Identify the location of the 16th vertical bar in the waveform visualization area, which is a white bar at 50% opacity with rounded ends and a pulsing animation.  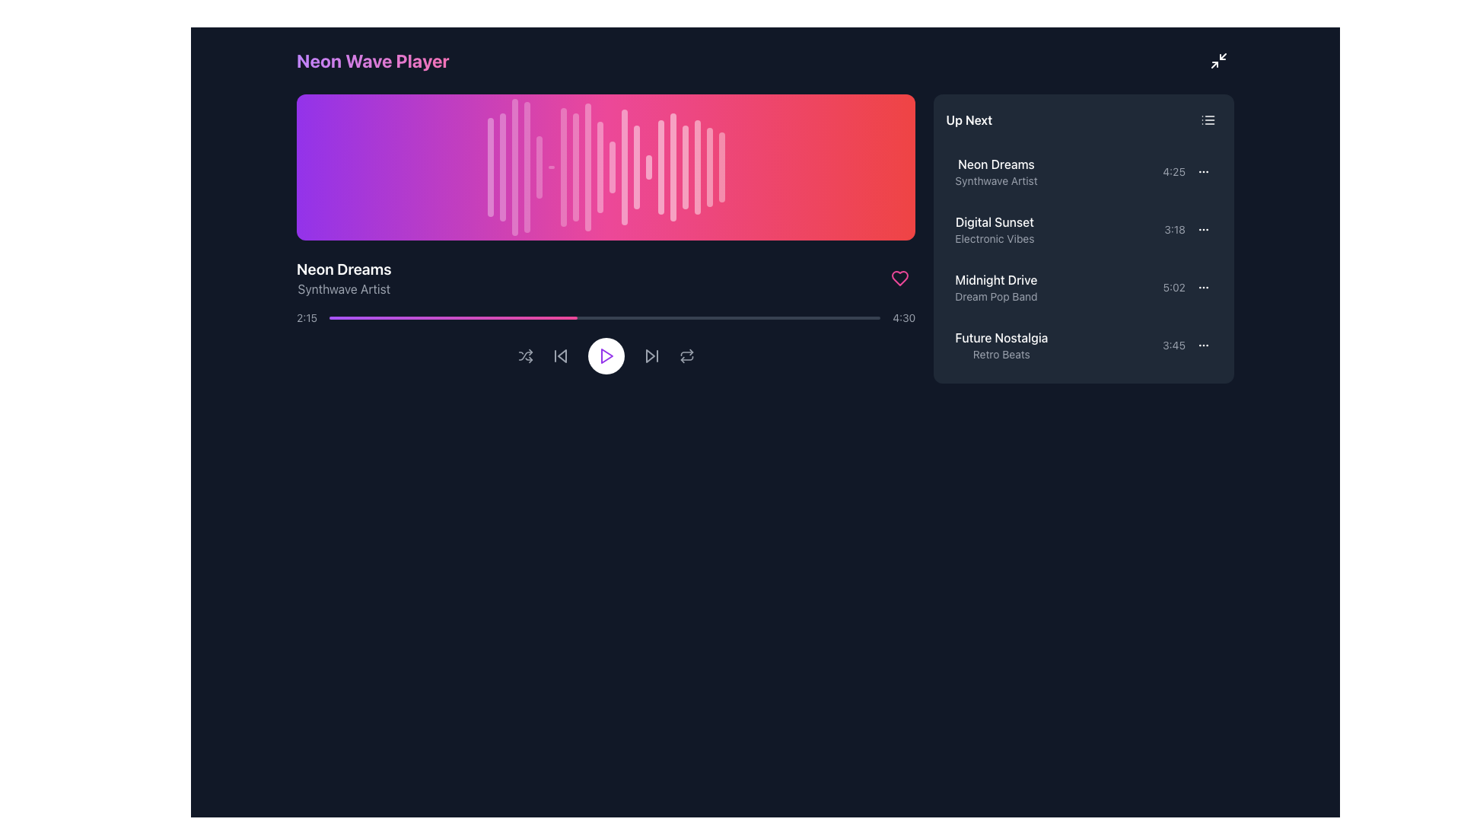
(672, 167).